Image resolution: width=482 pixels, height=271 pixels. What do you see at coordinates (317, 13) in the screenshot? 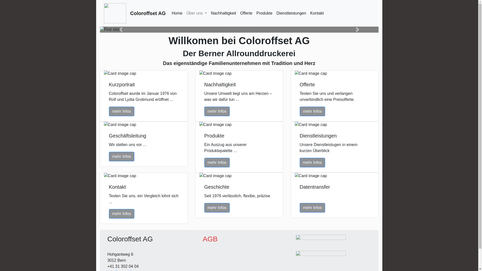
I see `'Kontakt` at bounding box center [317, 13].